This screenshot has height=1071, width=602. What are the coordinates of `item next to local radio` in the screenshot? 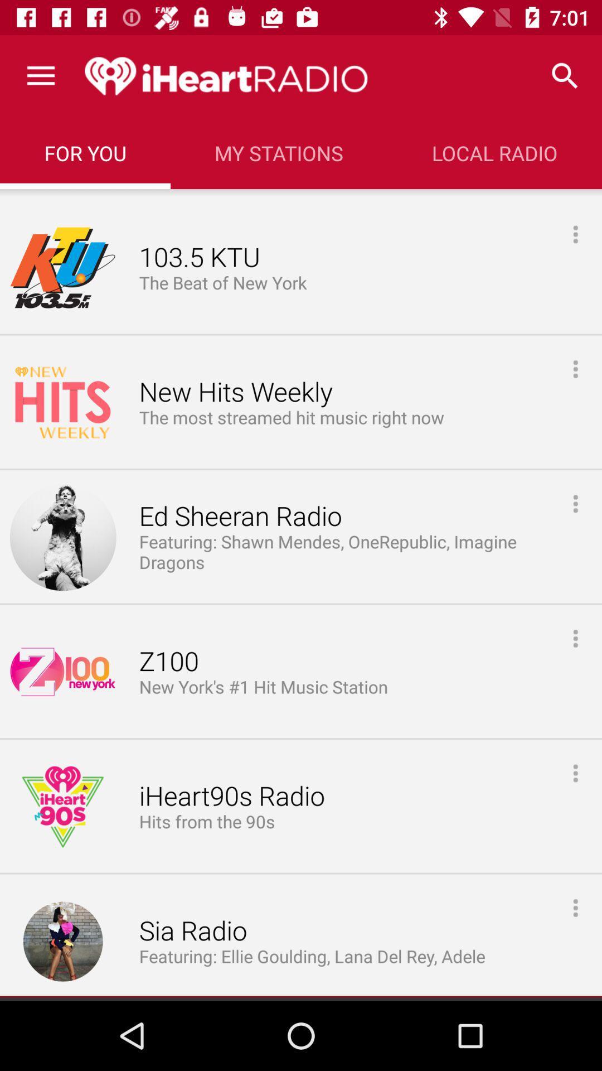 It's located at (278, 152).